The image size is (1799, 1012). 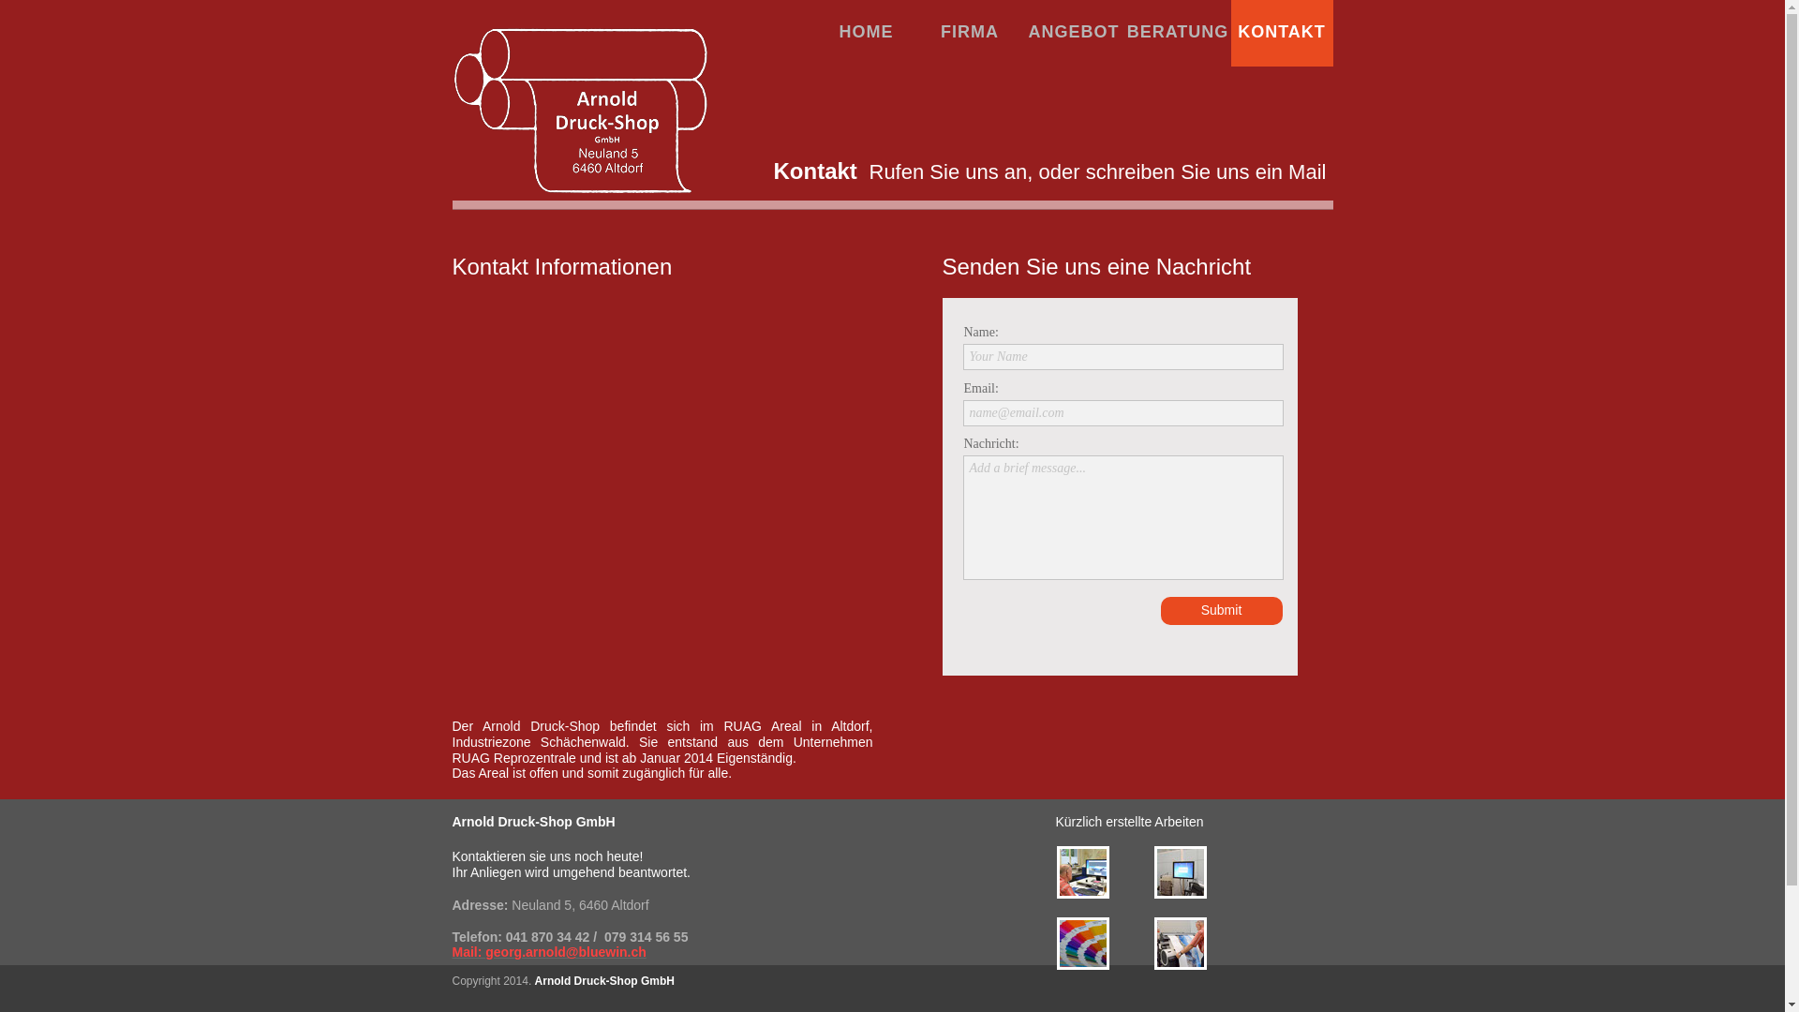 I want to click on 'Submit', so click(x=1159, y=610).